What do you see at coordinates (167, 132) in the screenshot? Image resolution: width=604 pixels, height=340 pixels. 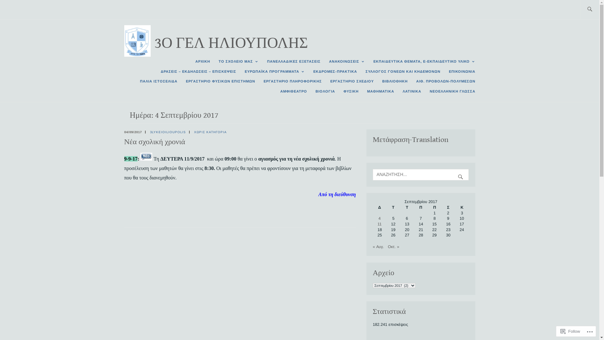 I see `'3LYKEIOILIOUPOLIS'` at bounding box center [167, 132].